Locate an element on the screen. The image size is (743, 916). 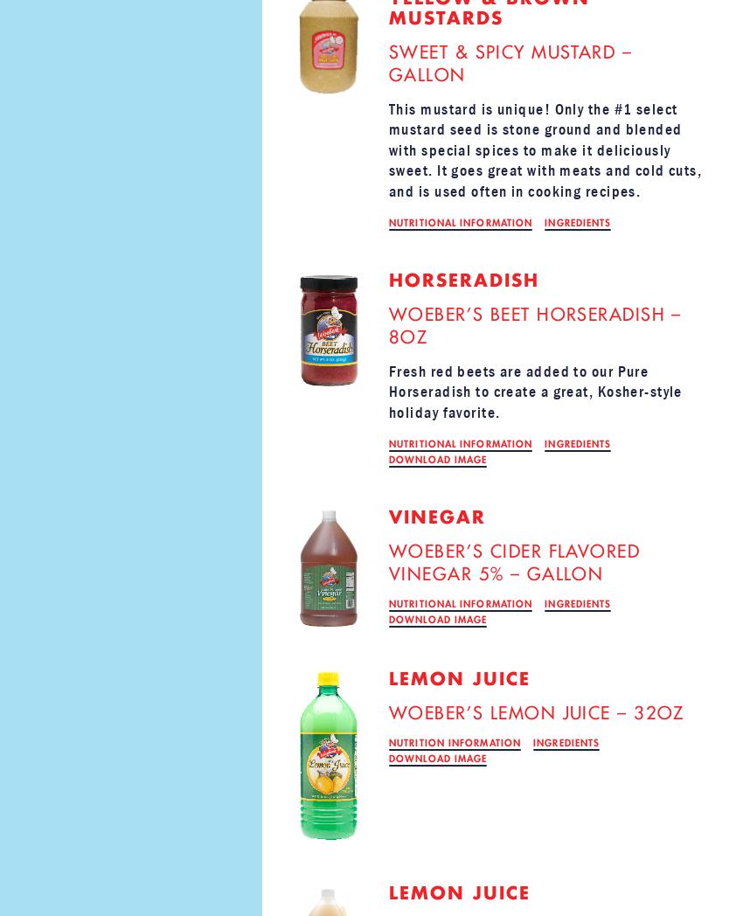
'Sweet & Spicy Mustard – GALLON' is located at coordinates (387, 64).